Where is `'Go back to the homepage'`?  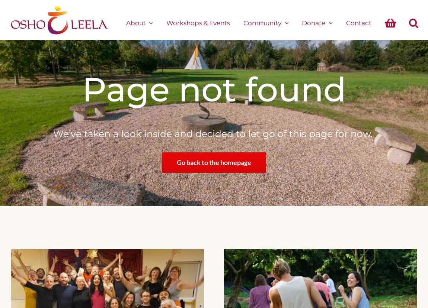 'Go back to the homepage' is located at coordinates (176, 161).